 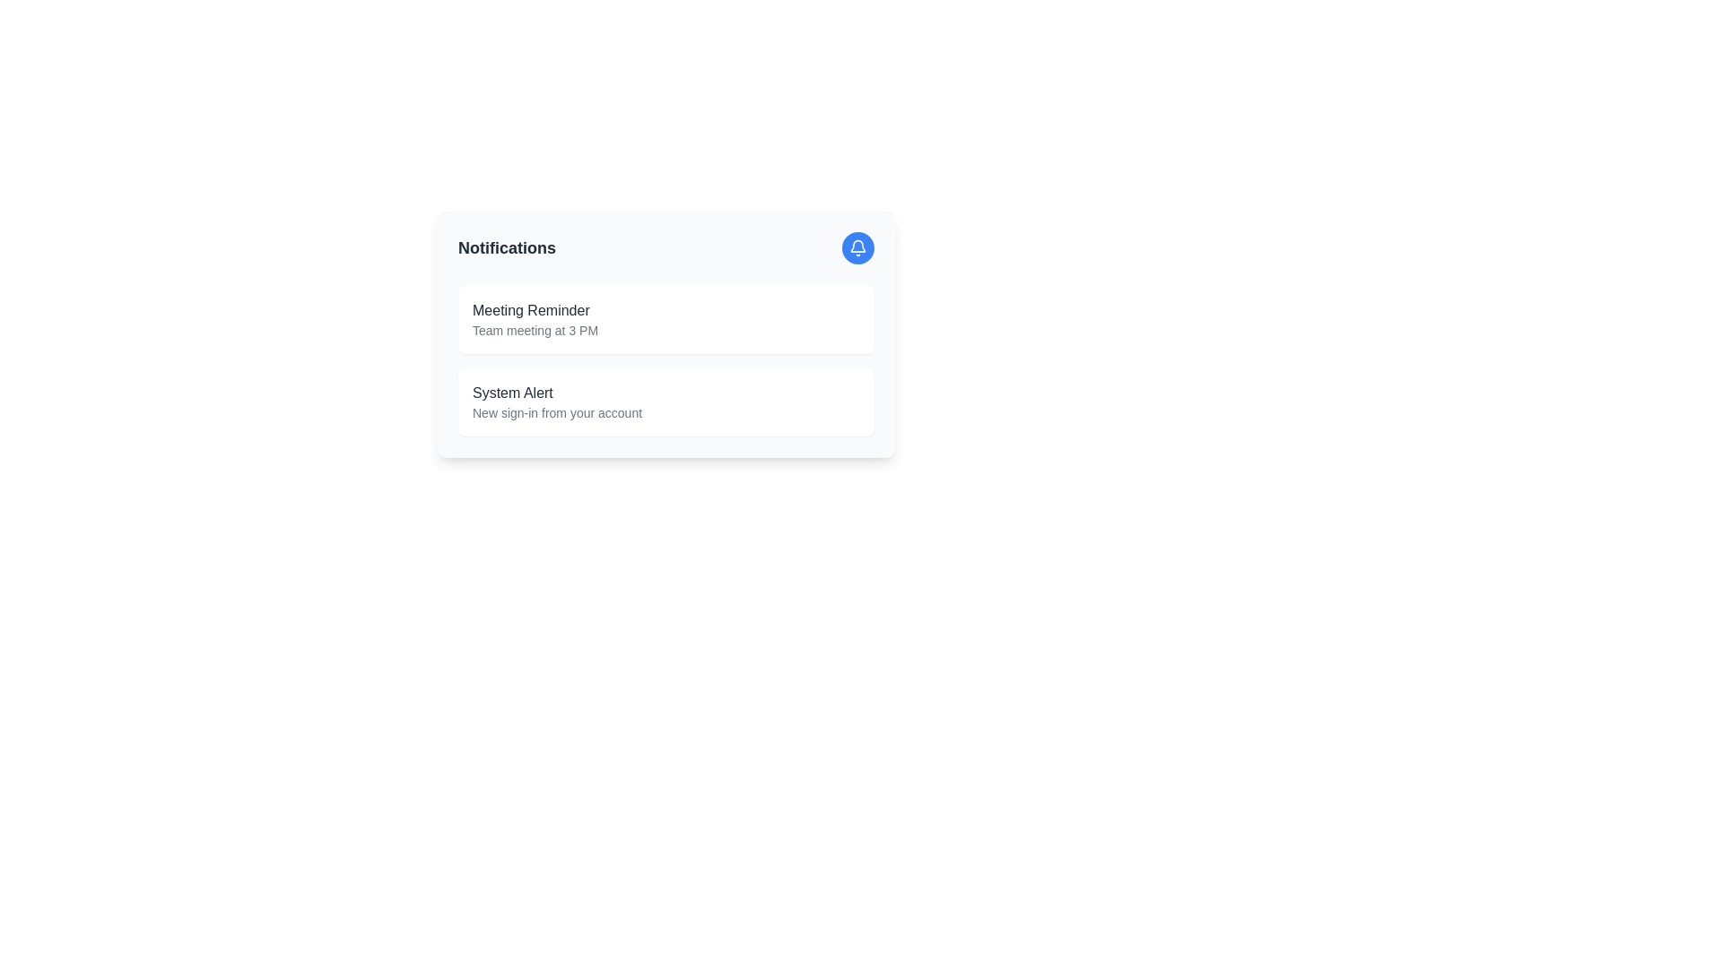 What do you see at coordinates (665, 401) in the screenshot?
I see `the second notification card that displays a system notification about a new sign-in` at bounding box center [665, 401].